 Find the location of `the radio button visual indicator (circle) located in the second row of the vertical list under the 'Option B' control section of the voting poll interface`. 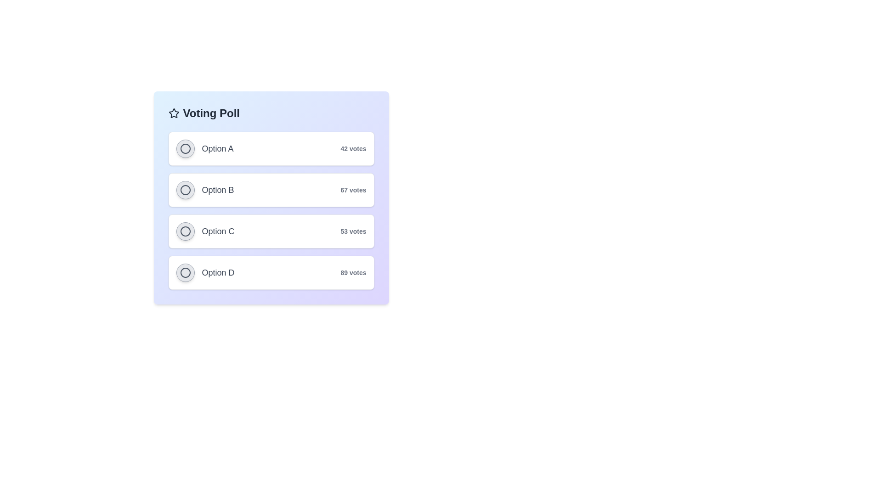

the radio button visual indicator (circle) located in the second row of the vertical list under the 'Option B' control section of the voting poll interface is located at coordinates (185, 189).